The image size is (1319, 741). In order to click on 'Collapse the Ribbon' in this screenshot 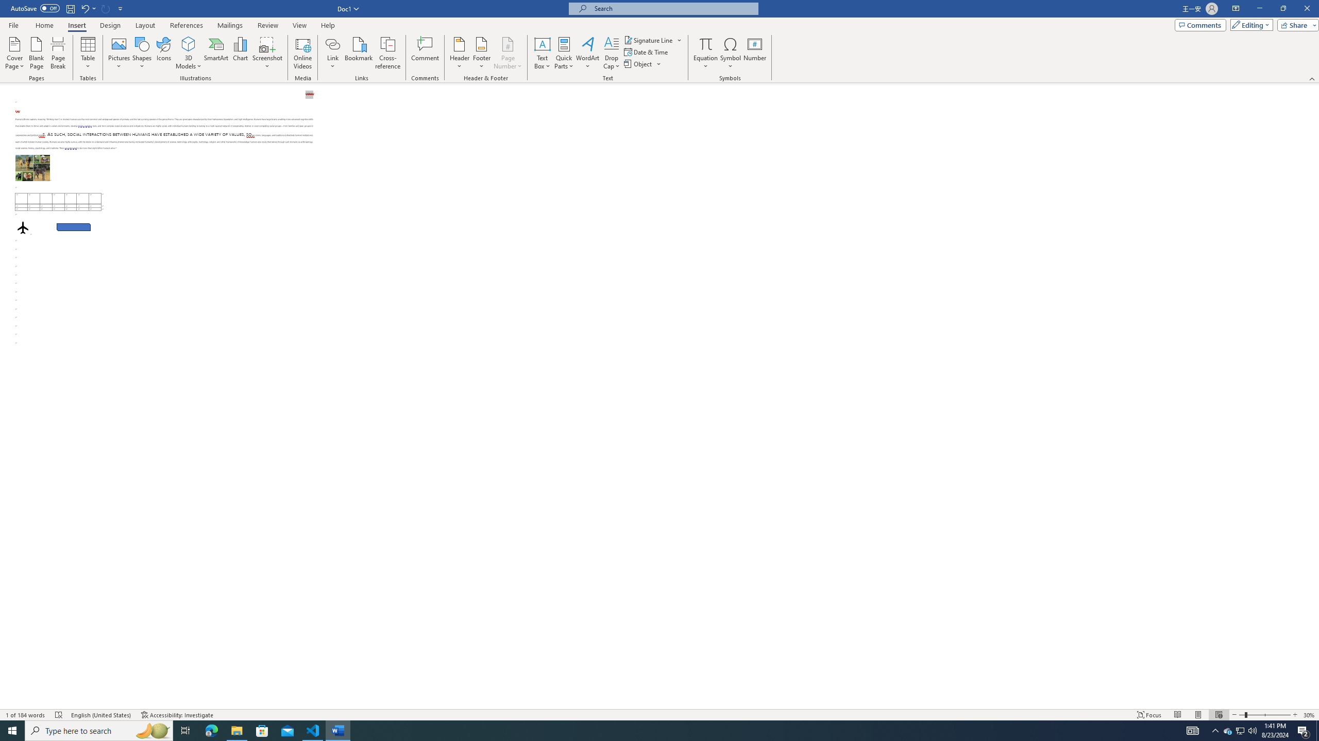, I will do `click(1312, 79)`.